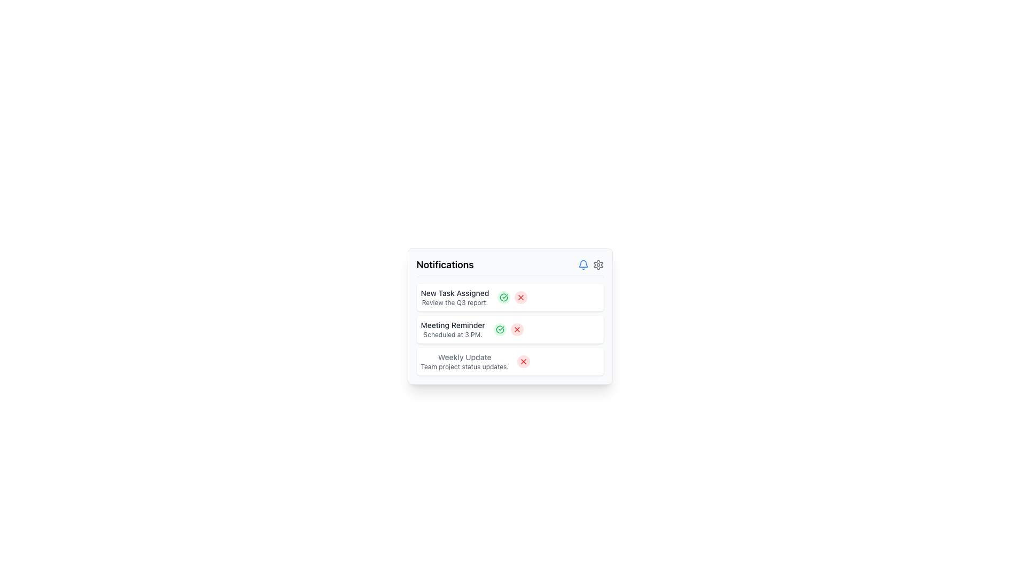  What do you see at coordinates (521, 297) in the screenshot?
I see `the delete button located to the right of the green checkmark button` at bounding box center [521, 297].